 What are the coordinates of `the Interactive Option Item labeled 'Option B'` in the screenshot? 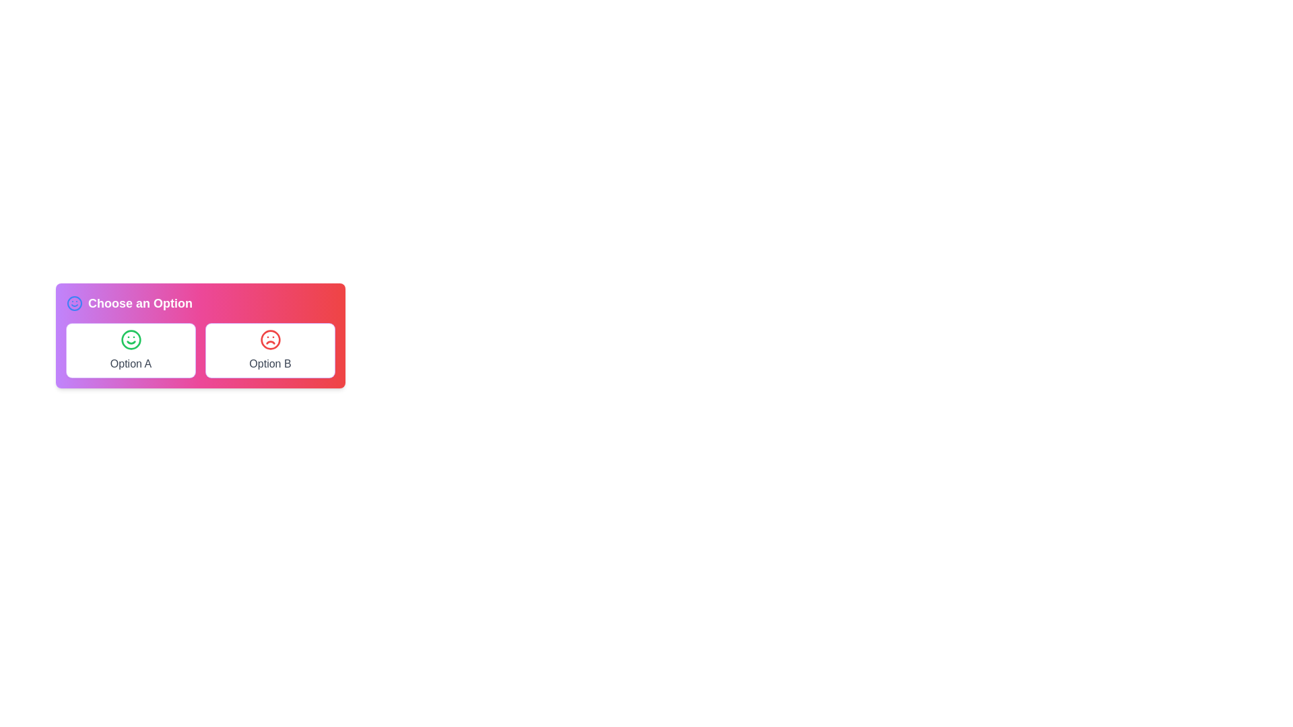 It's located at (269, 349).